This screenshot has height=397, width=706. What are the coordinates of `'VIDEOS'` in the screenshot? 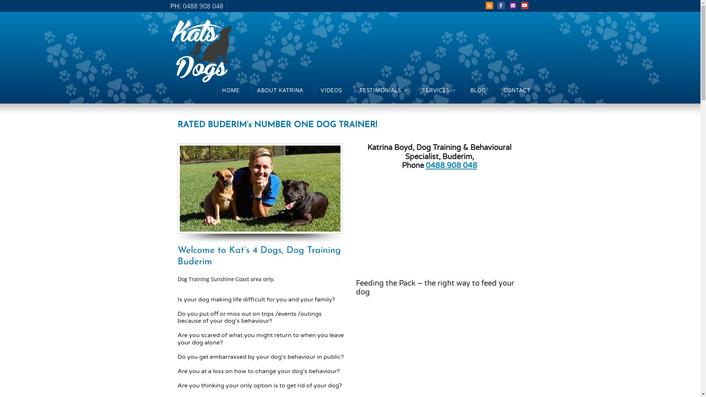 It's located at (331, 90).